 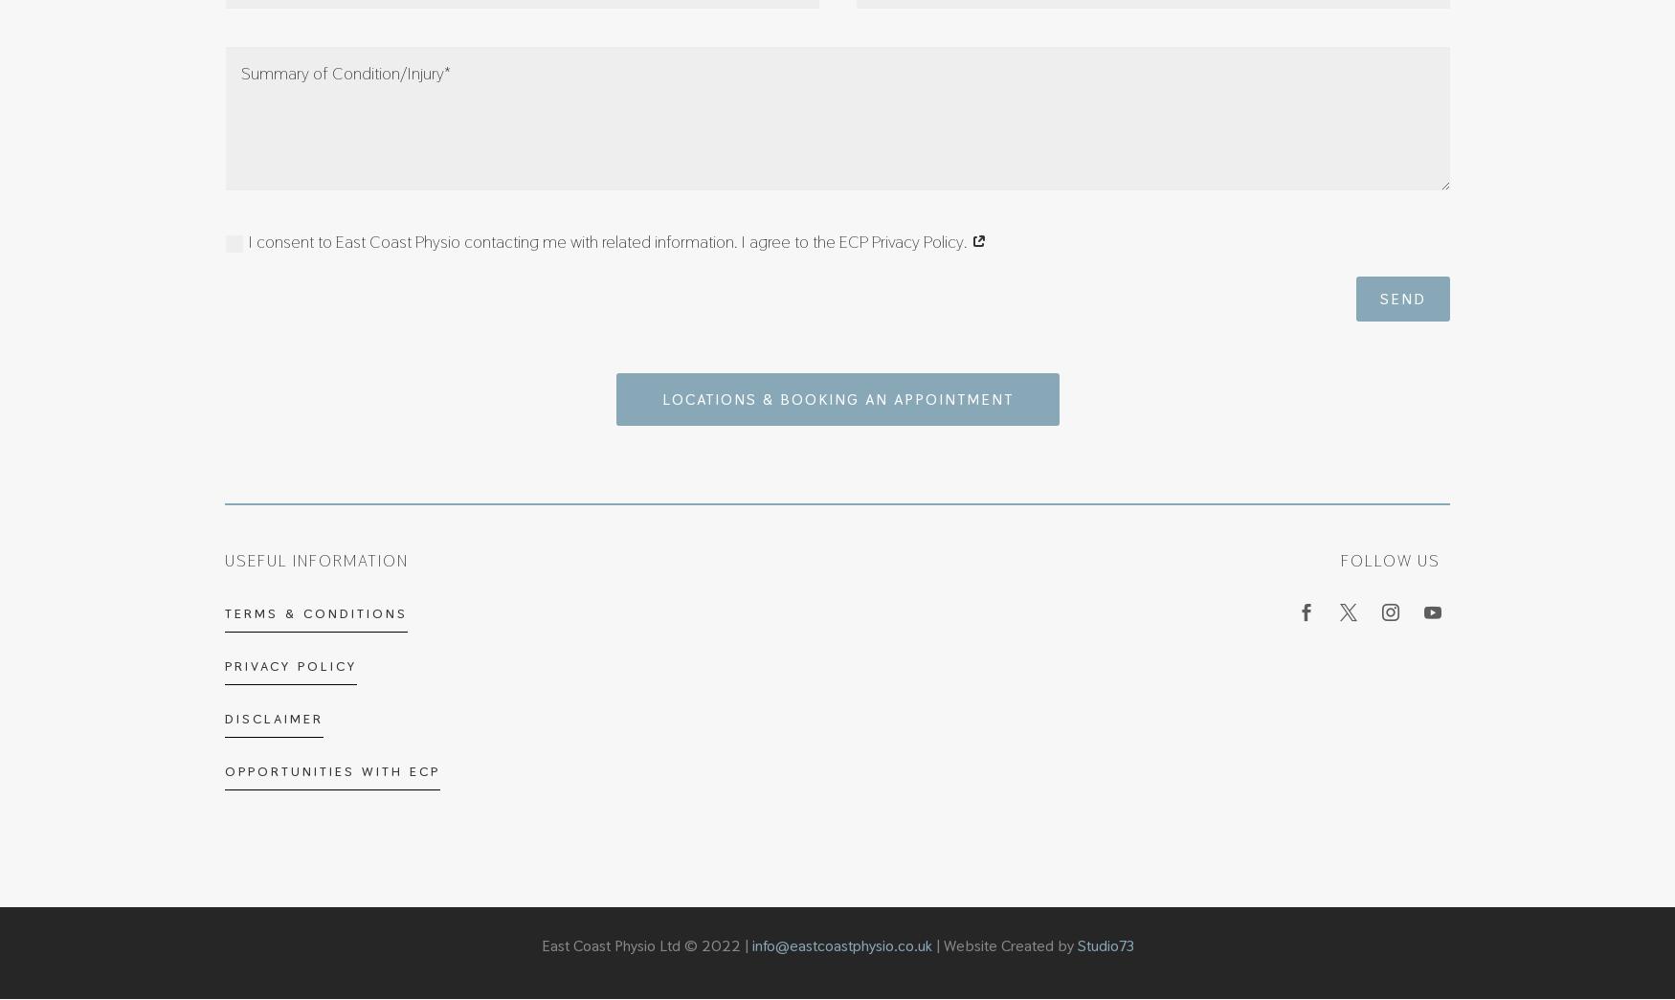 What do you see at coordinates (840, 944) in the screenshot?
I see `'info@eastcoastphysio.co.uk'` at bounding box center [840, 944].